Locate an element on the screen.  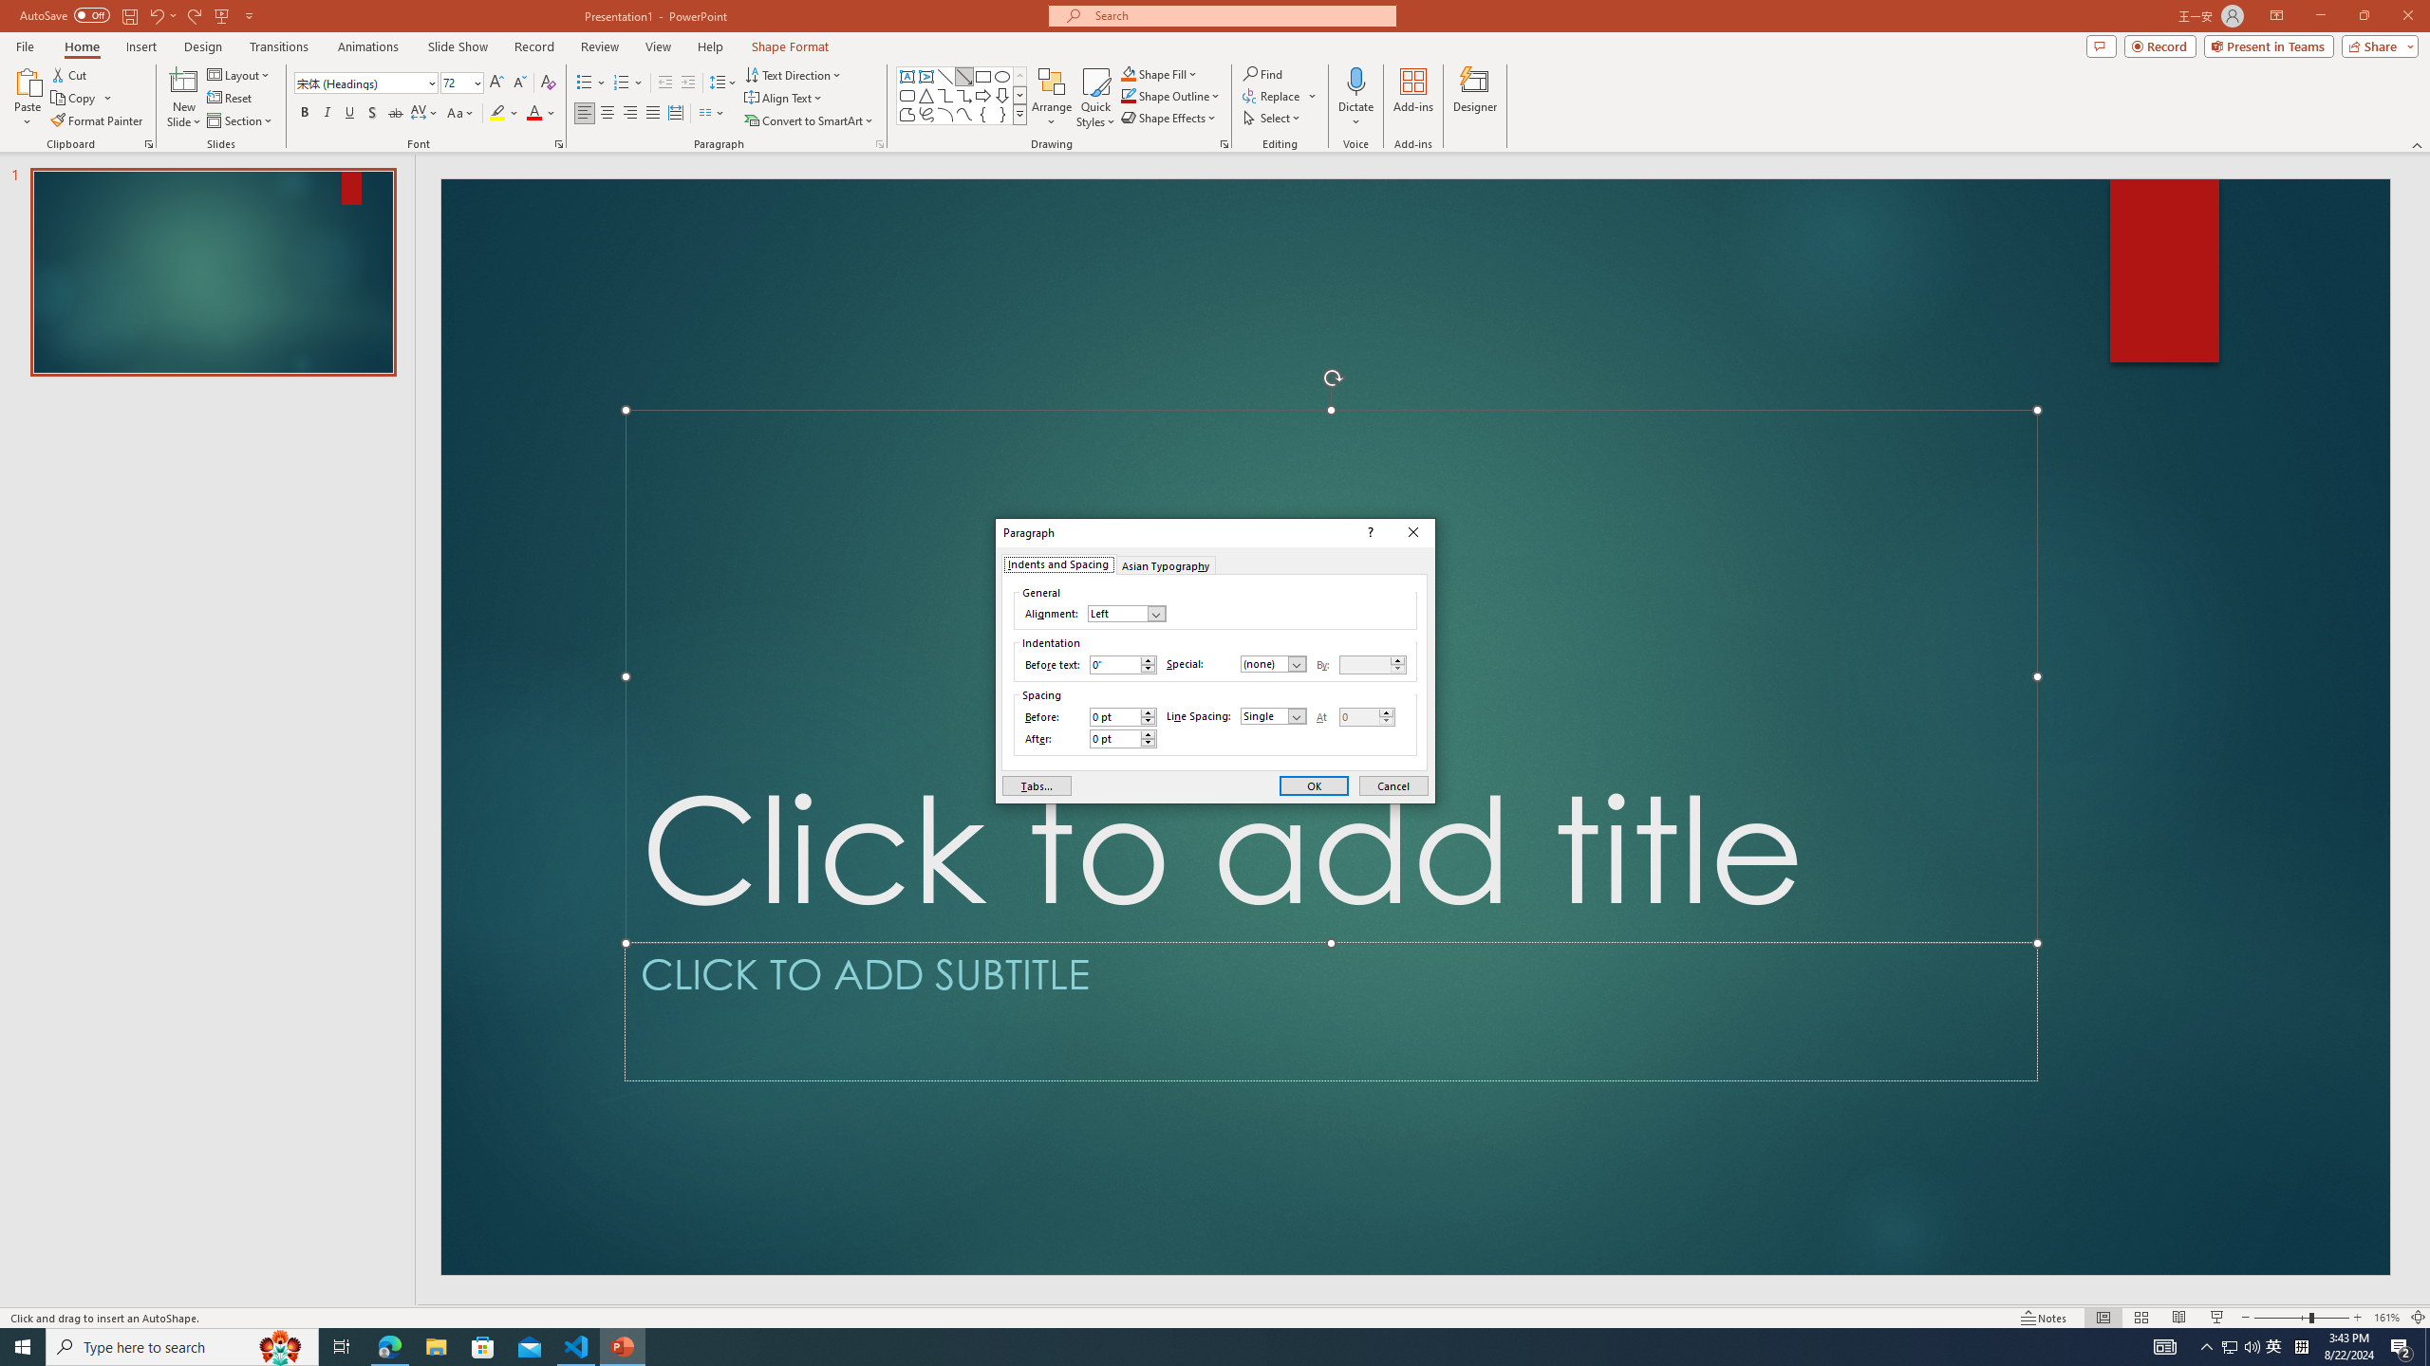
'OK' is located at coordinates (1312, 785).